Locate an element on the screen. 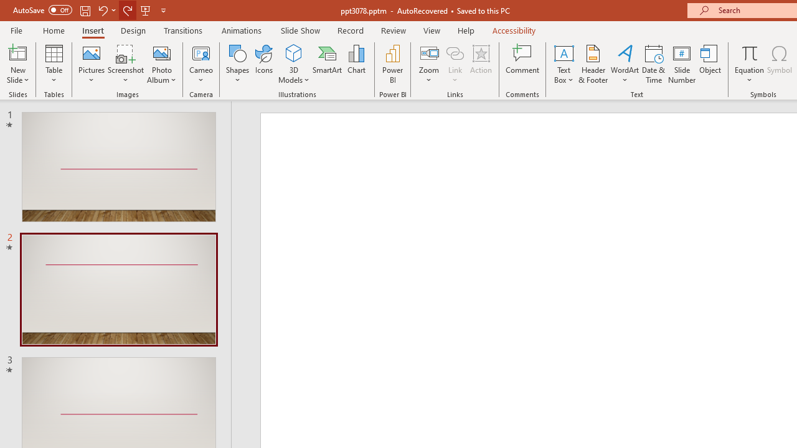 Image resolution: width=797 pixels, height=448 pixels. 'Table' is located at coordinates (54, 64).